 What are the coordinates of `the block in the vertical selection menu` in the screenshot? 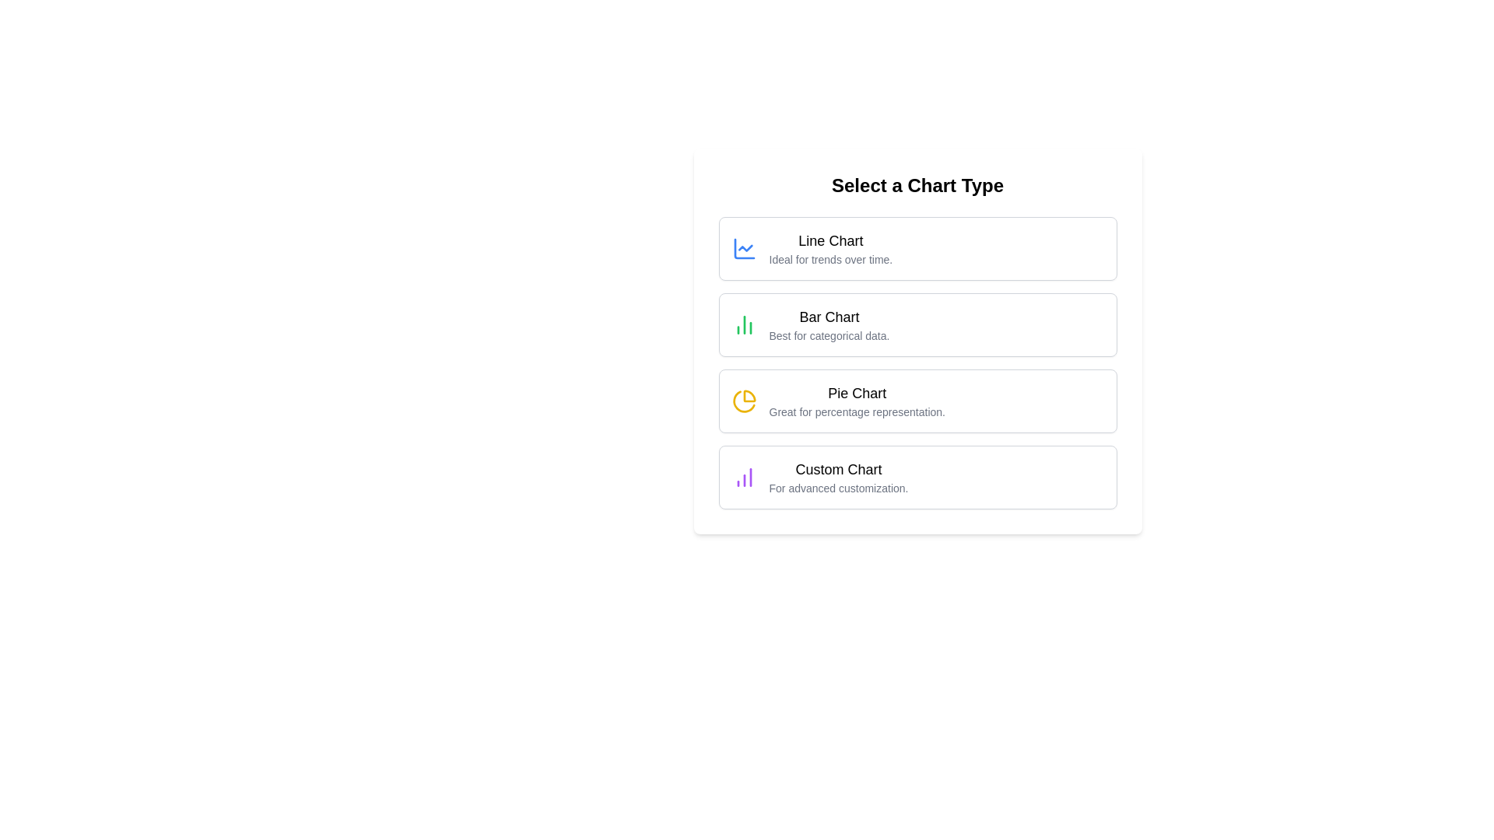 It's located at (917, 362).